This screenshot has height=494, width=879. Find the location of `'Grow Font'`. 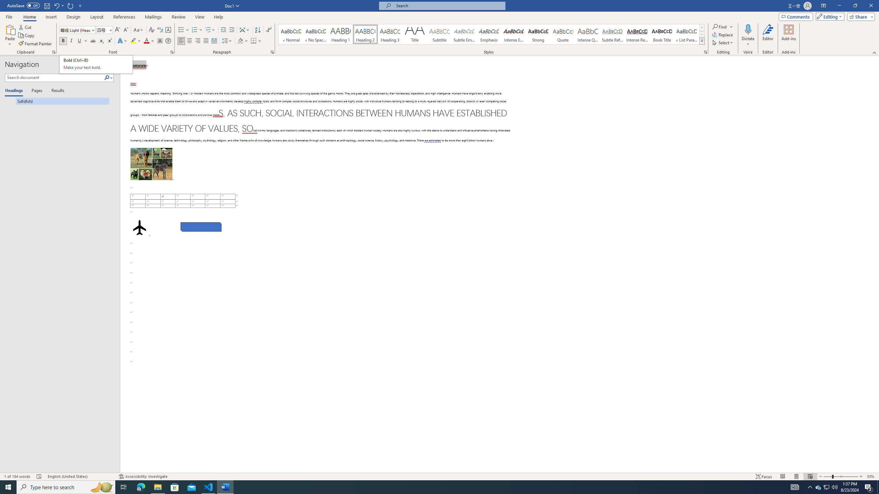

'Grow Font' is located at coordinates (117, 30).